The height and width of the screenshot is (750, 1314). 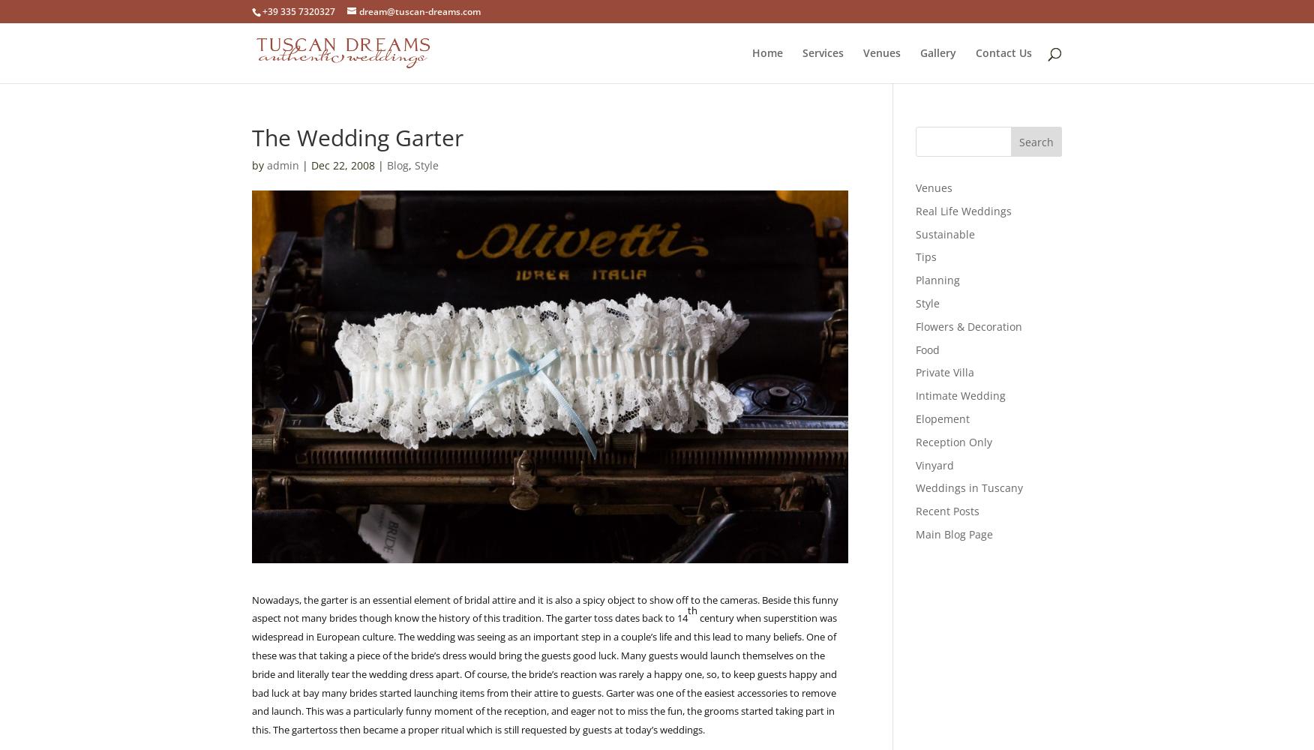 I want to click on 'Tips', so click(x=925, y=256).